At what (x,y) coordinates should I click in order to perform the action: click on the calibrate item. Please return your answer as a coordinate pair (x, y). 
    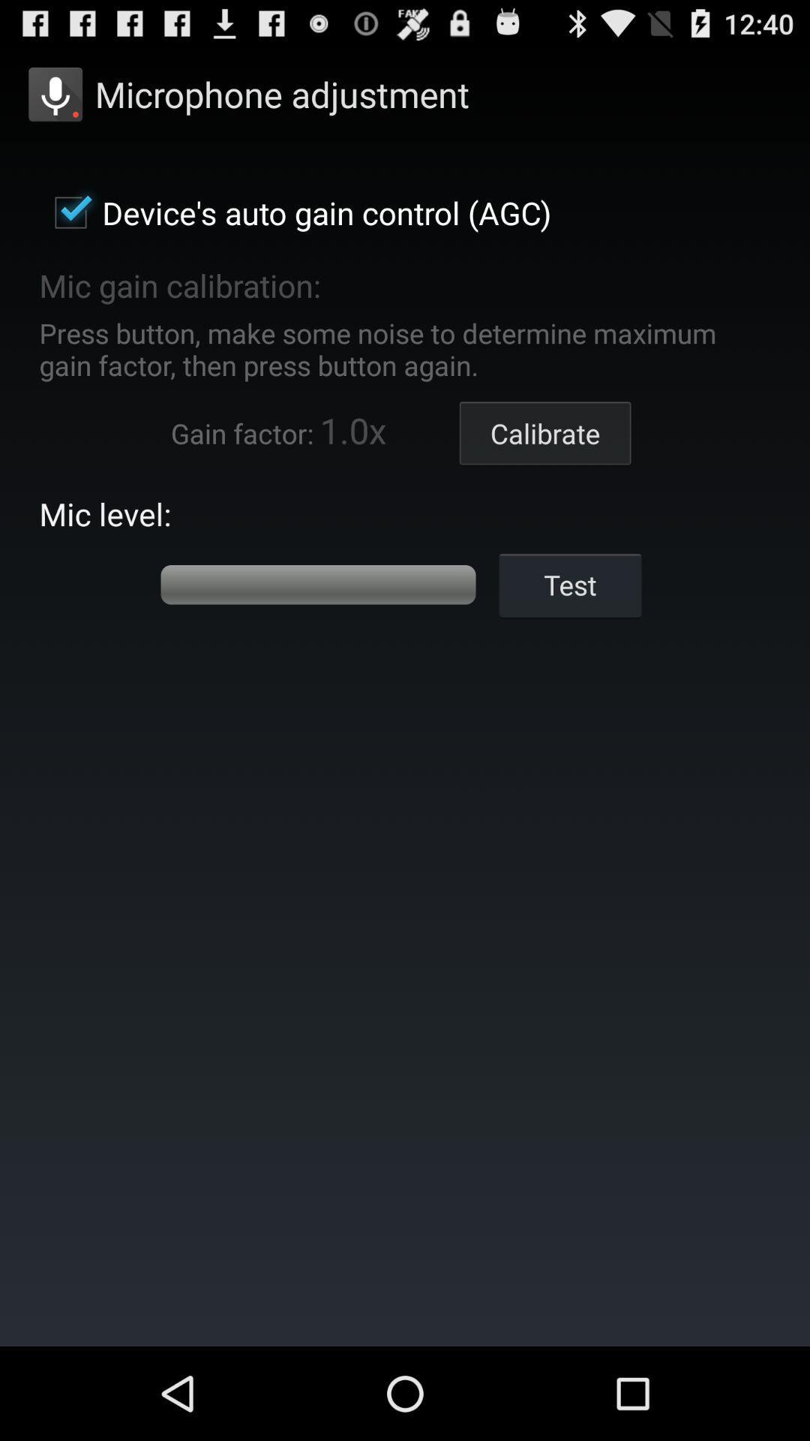
    Looking at the image, I should click on (545, 432).